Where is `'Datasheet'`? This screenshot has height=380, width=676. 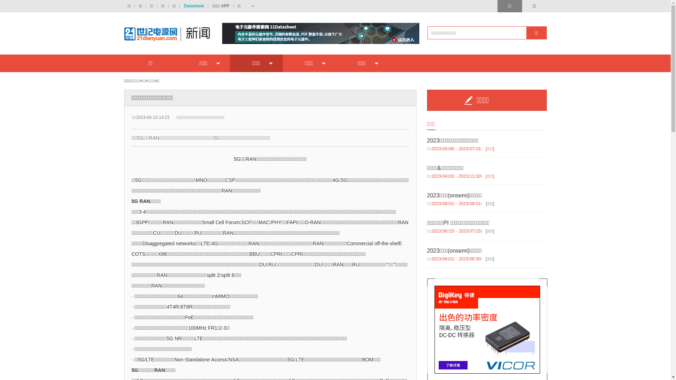
'Datasheet' is located at coordinates (180, 6).